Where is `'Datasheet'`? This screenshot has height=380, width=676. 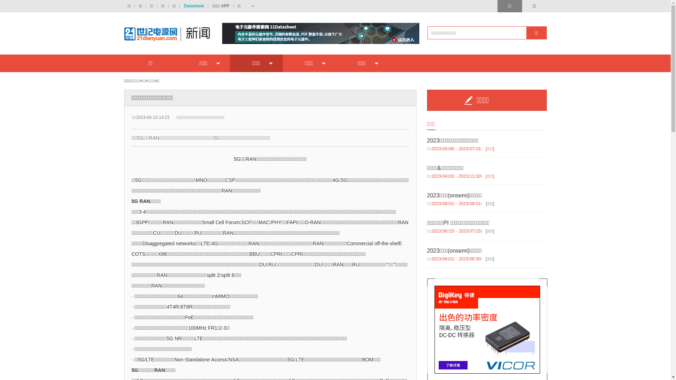
'Datasheet' is located at coordinates (180, 6).